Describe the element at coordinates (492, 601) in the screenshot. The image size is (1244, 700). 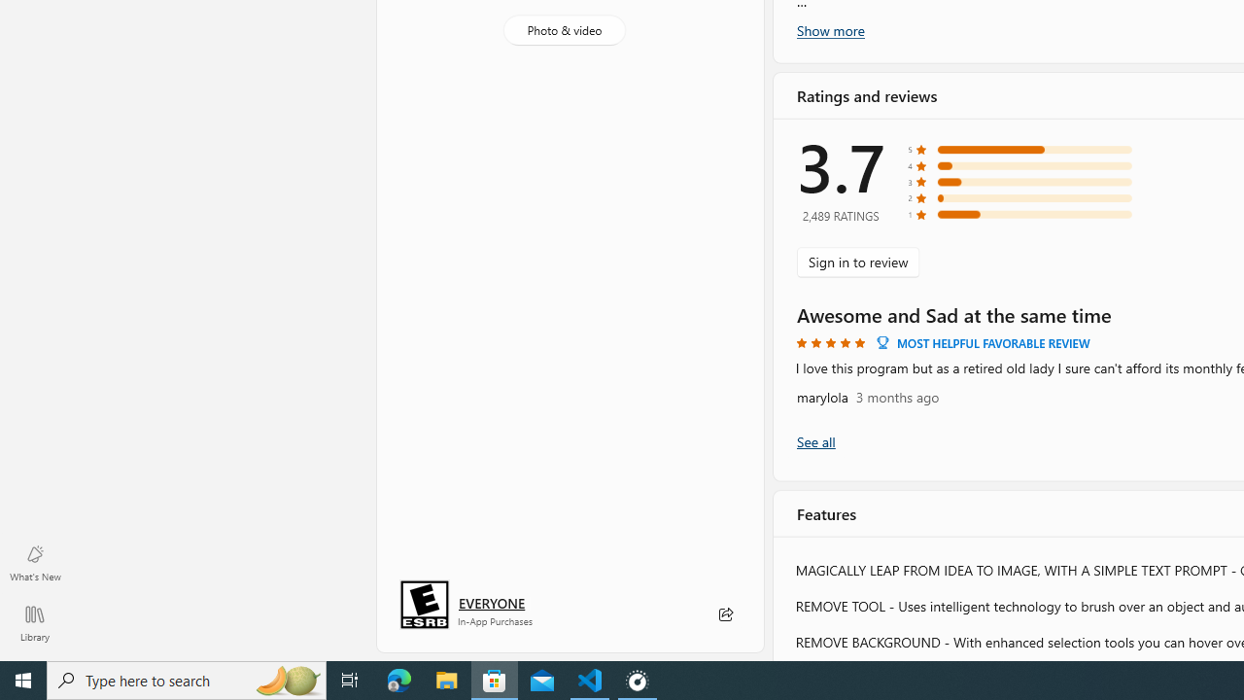
I see `'Age rating: EVERYONE. Click for more information.'` at that location.